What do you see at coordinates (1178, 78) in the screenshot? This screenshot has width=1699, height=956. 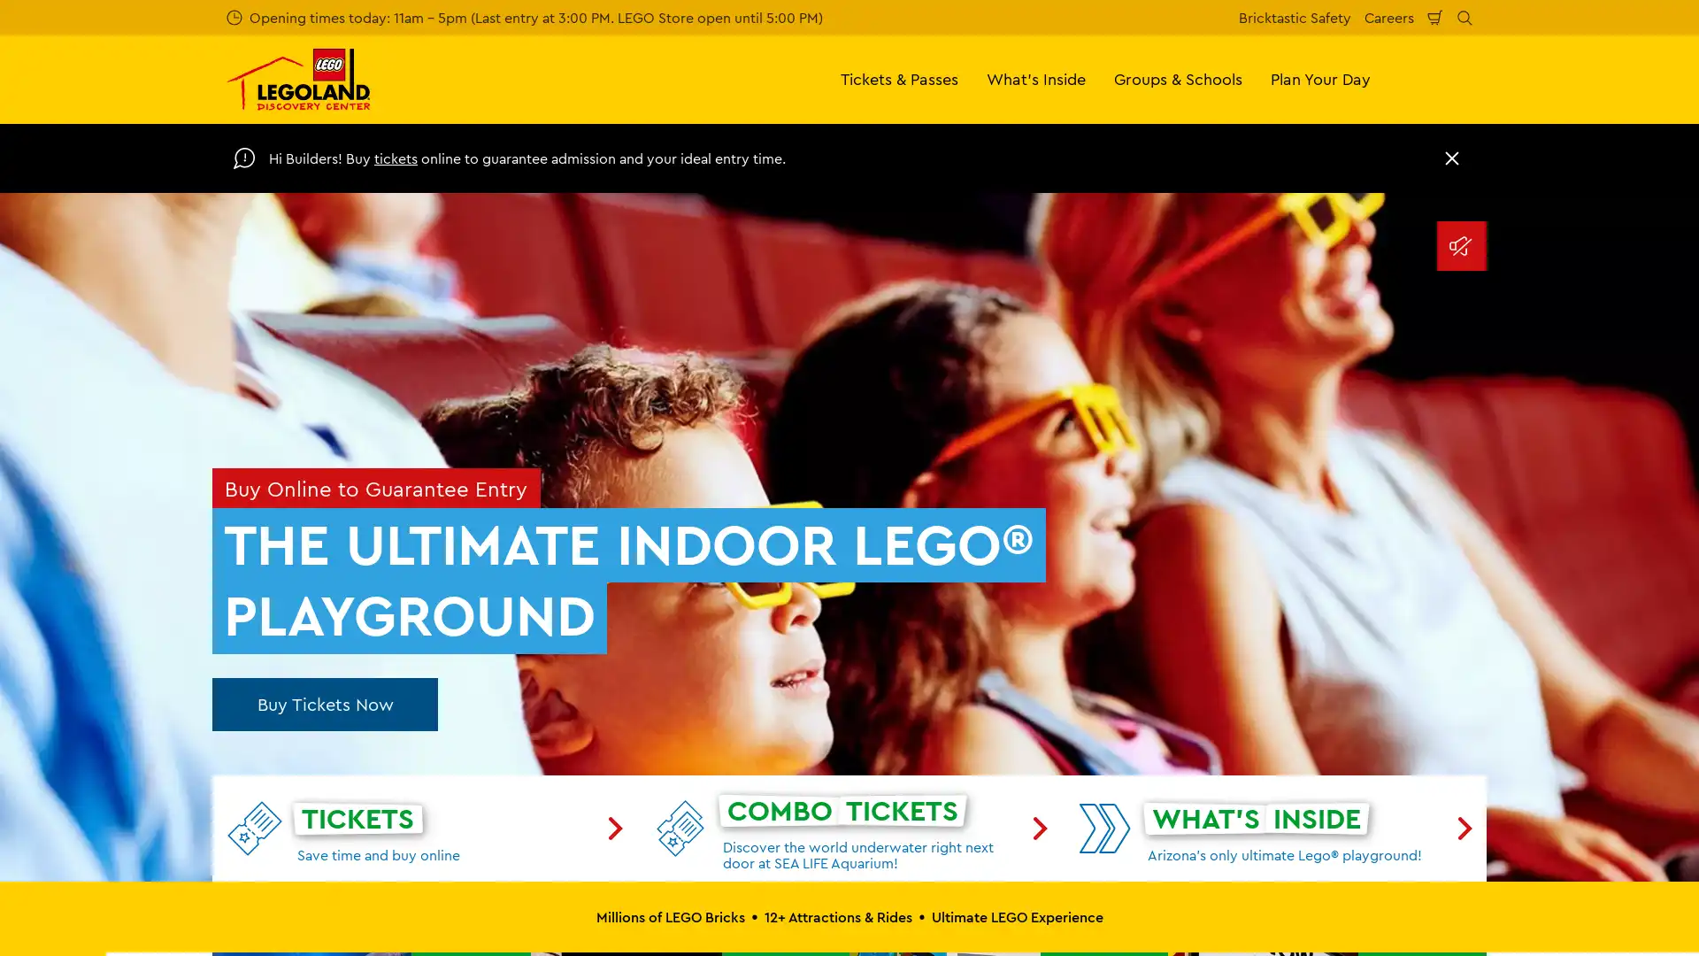 I see `Groups & Schools` at bounding box center [1178, 78].